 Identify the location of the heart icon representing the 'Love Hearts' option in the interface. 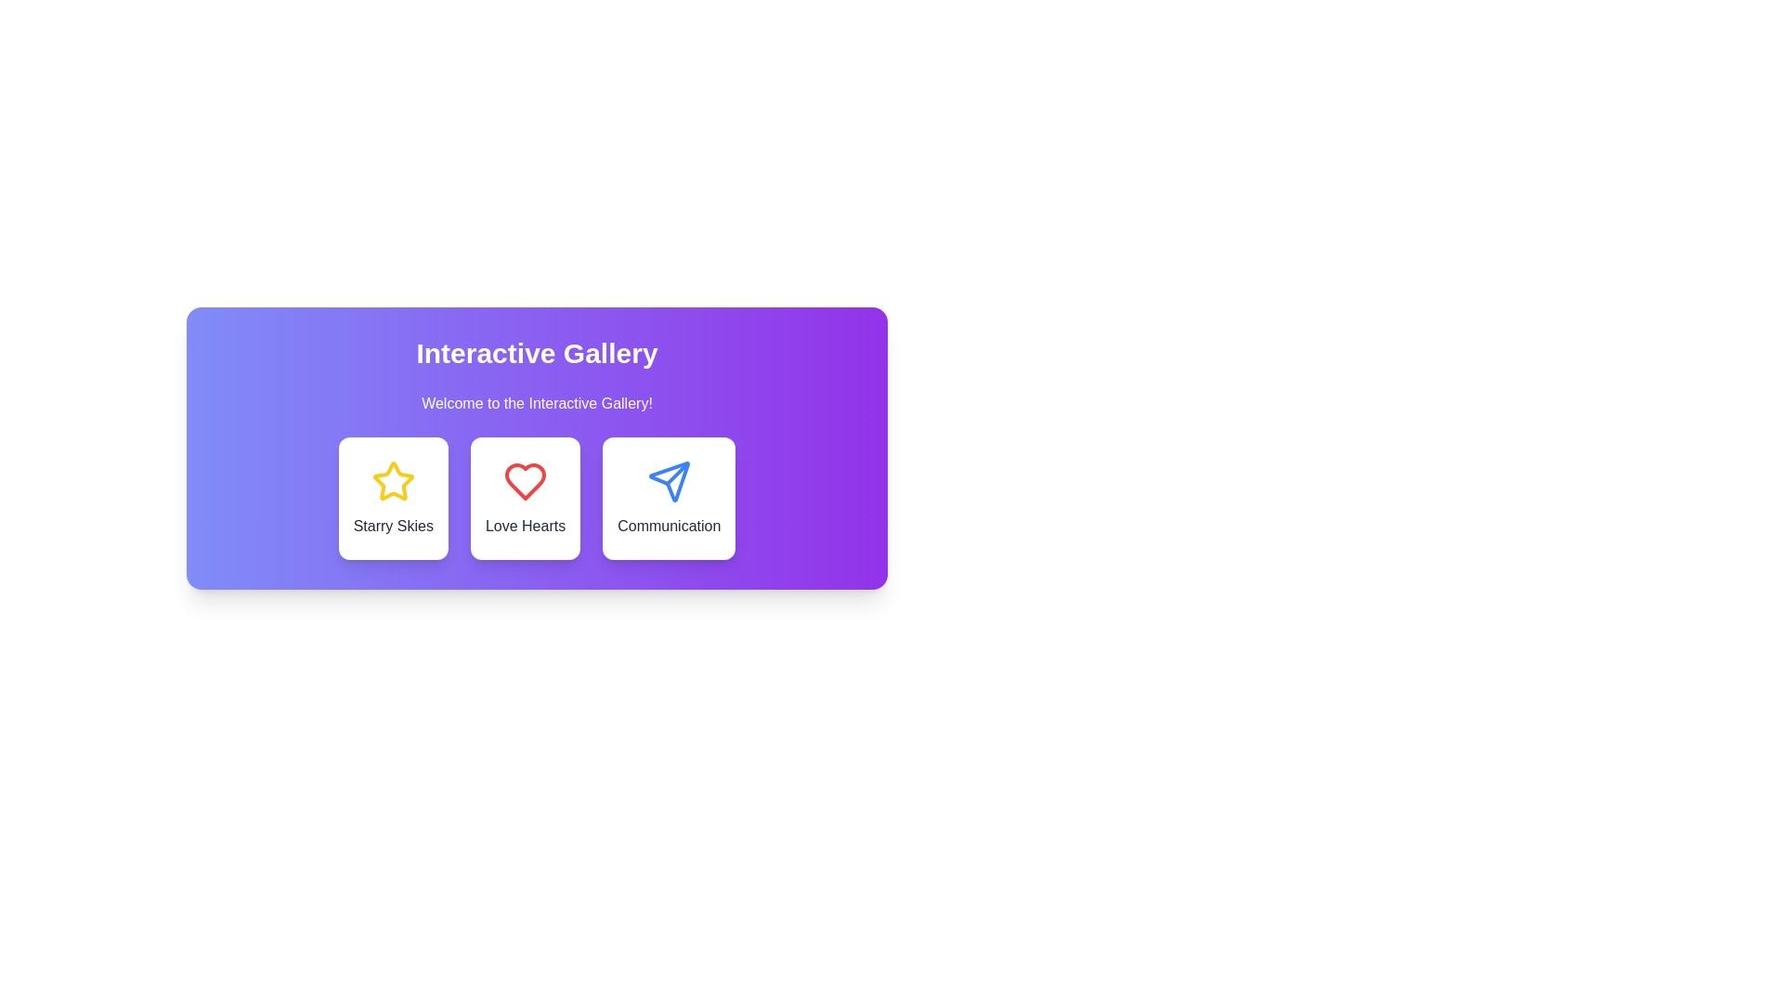
(525, 481).